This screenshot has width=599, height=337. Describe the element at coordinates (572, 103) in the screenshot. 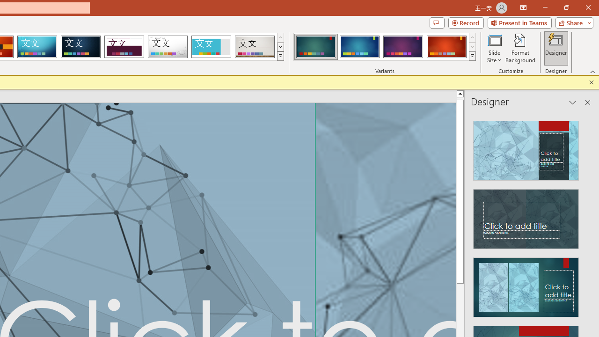

I see `'Task Pane Options'` at that location.